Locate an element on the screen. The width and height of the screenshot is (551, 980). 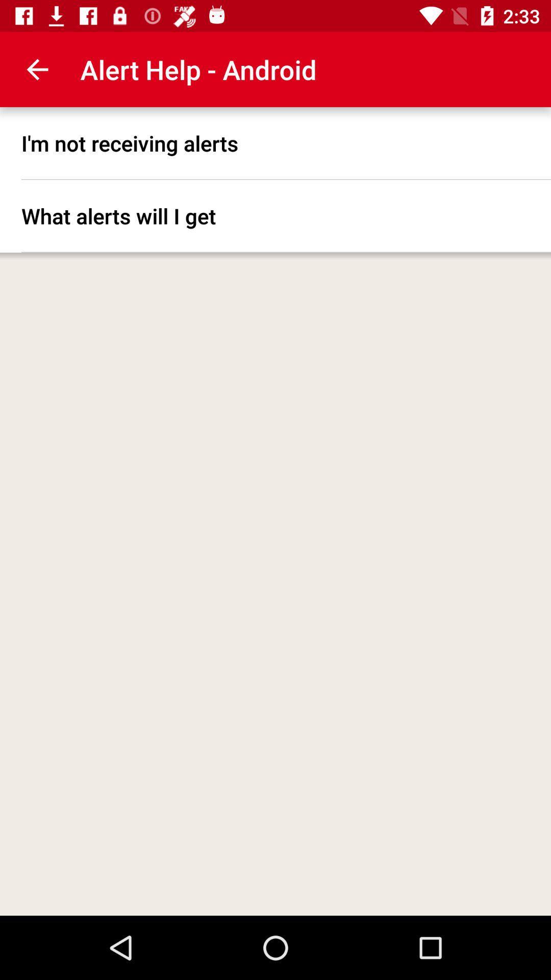
icon next to alert help - android app is located at coordinates (37, 69).